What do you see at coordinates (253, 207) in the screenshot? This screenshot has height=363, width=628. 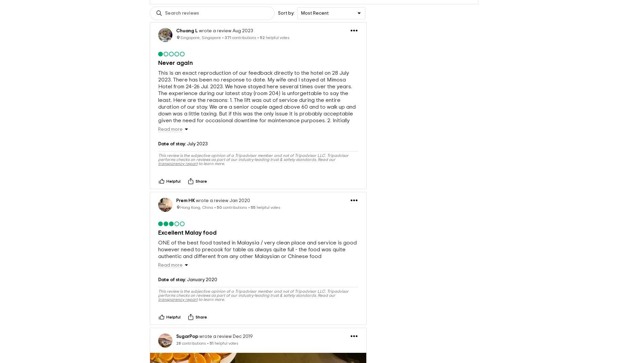 I see `'55'` at bounding box center [253, 207].